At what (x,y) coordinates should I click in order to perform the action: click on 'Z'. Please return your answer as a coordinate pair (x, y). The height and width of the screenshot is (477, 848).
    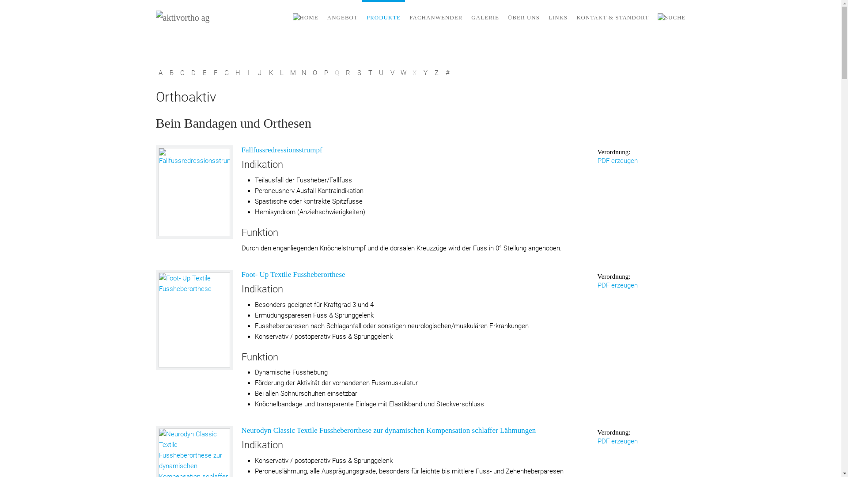
    Looking at the image, I should click on (436, 72).